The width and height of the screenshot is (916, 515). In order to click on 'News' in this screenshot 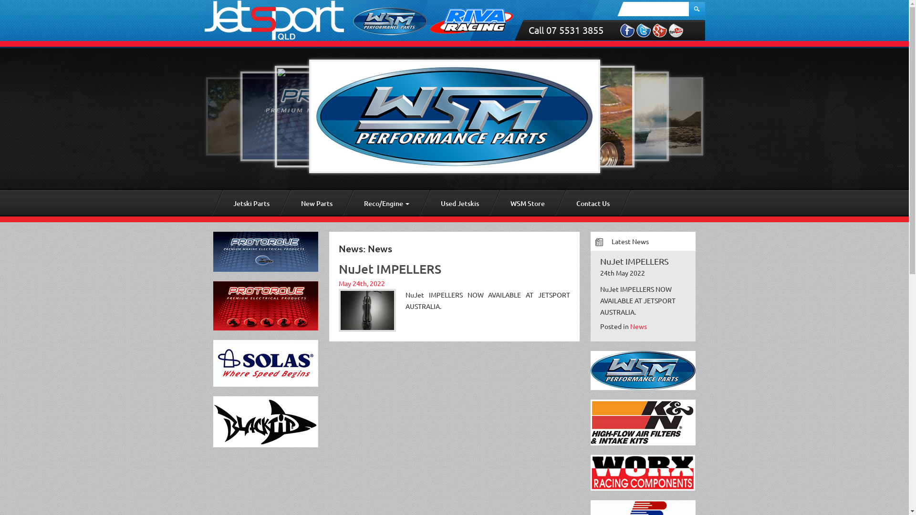, I will do `click(638, 325)`.